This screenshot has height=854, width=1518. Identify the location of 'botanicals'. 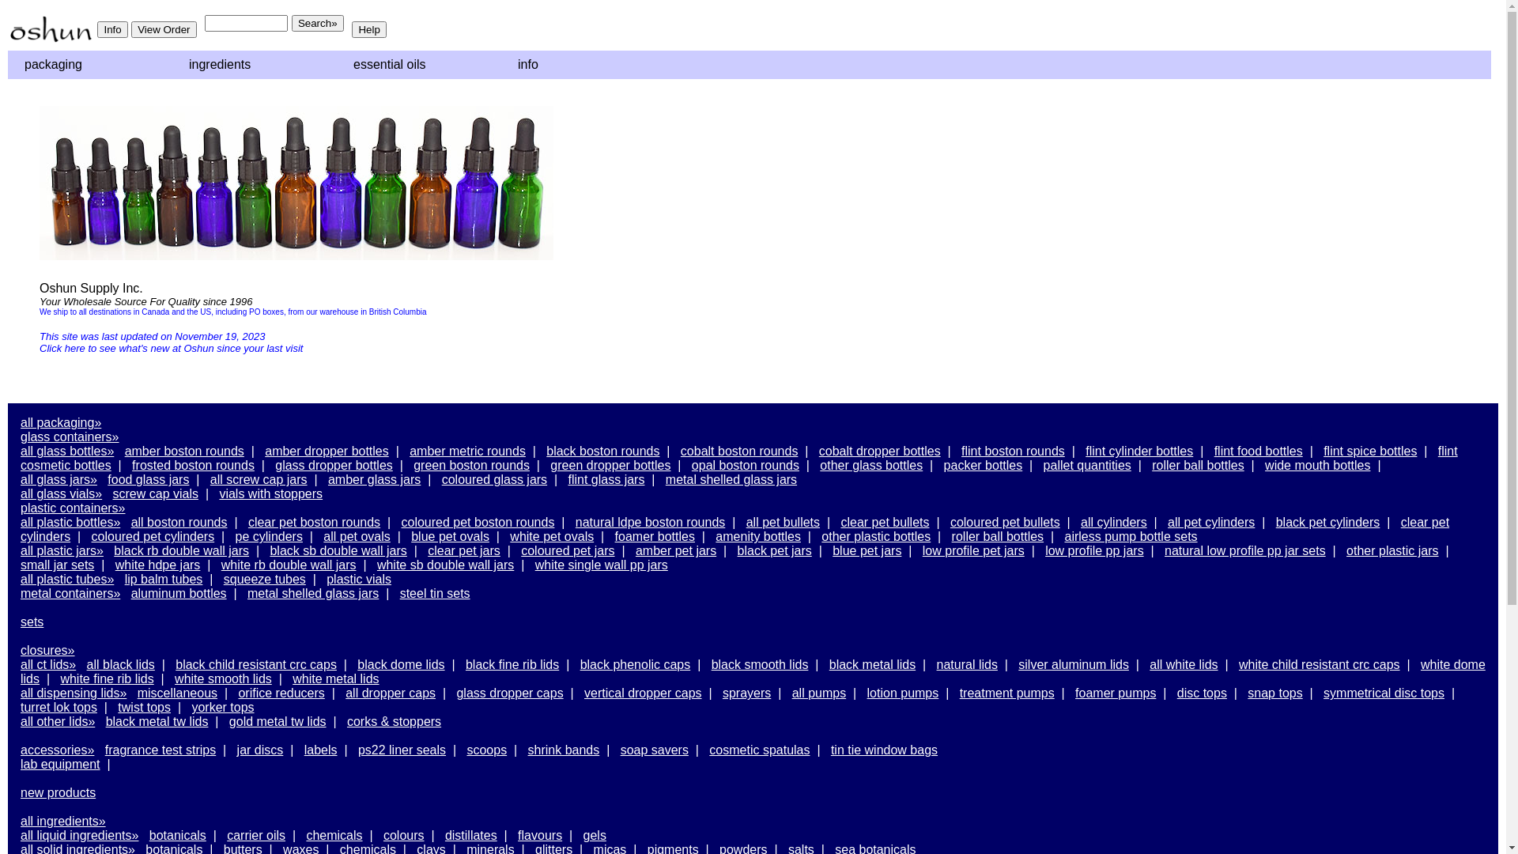
(178, 834).